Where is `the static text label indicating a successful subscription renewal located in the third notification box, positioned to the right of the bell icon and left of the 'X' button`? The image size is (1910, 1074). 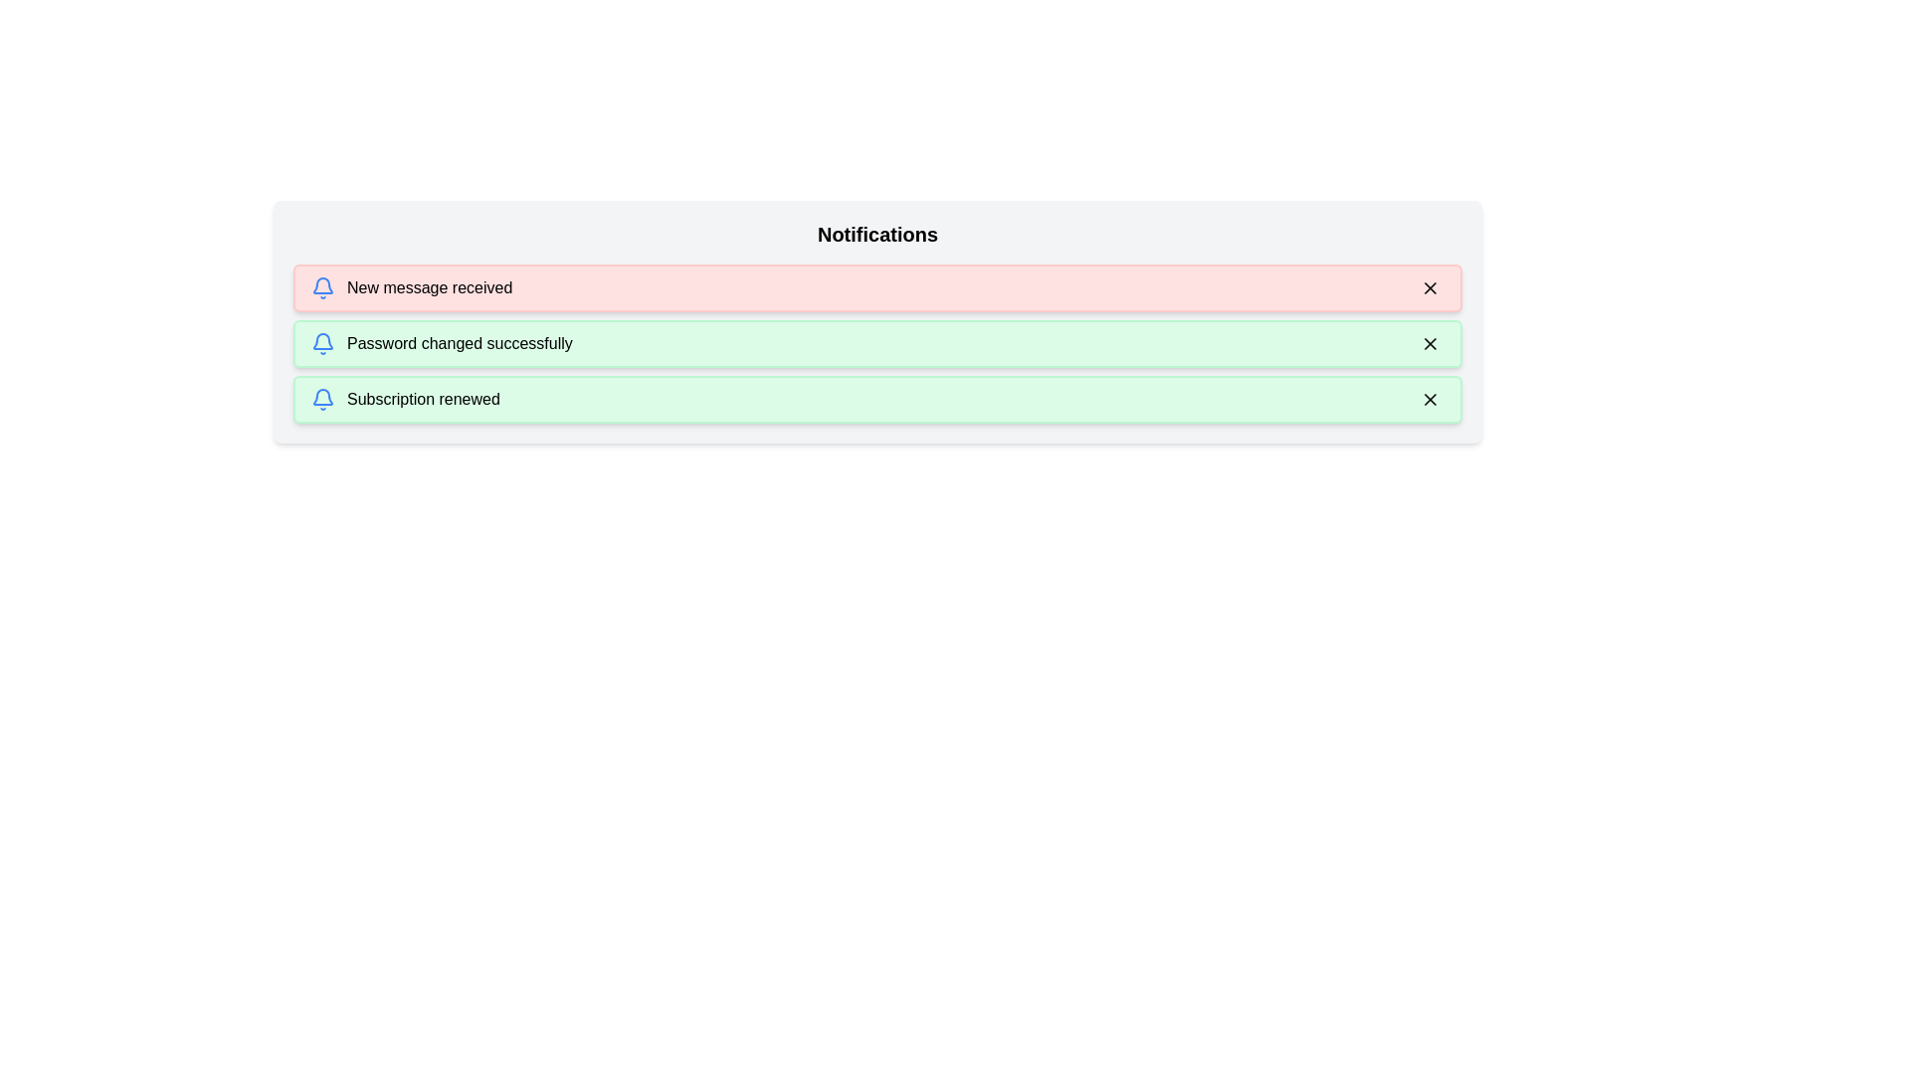
the static text label indicating a successful subscription renewal located in the third notification box, positioned to the right of the bell icon and left of the 'X' button is located at coordinates (422, 399).